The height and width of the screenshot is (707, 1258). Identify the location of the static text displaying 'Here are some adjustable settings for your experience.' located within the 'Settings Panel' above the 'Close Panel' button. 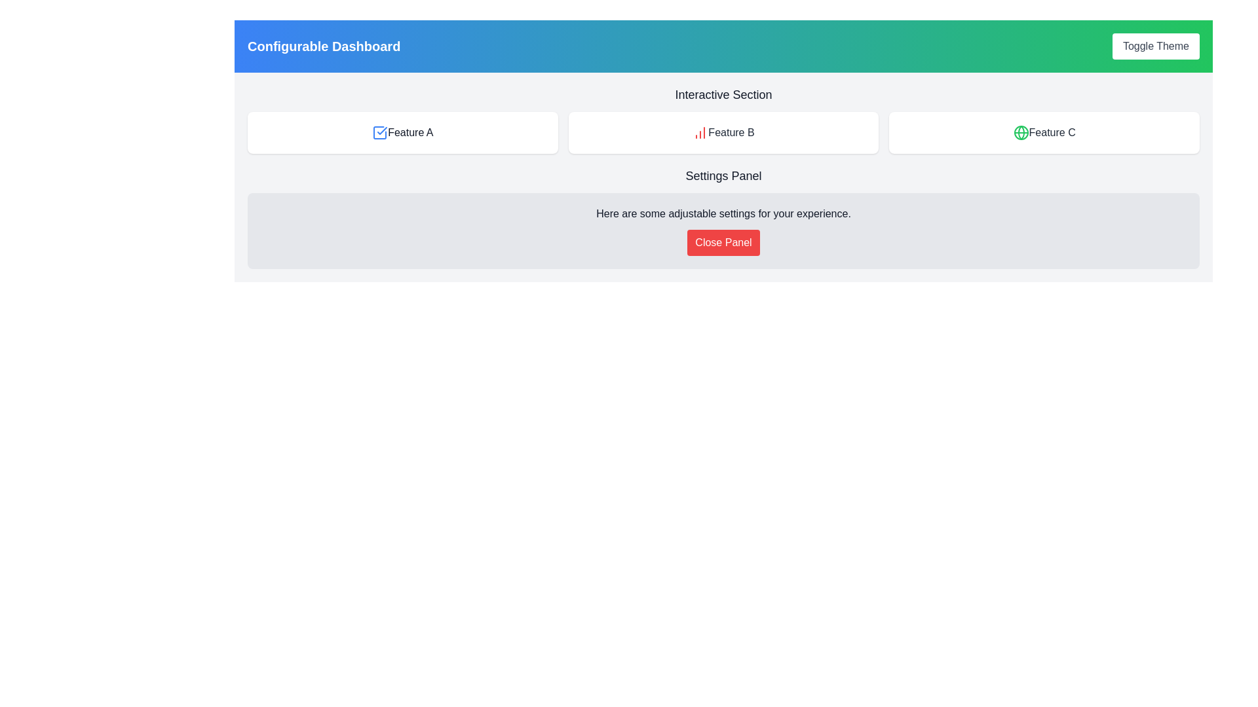
(723, 213).